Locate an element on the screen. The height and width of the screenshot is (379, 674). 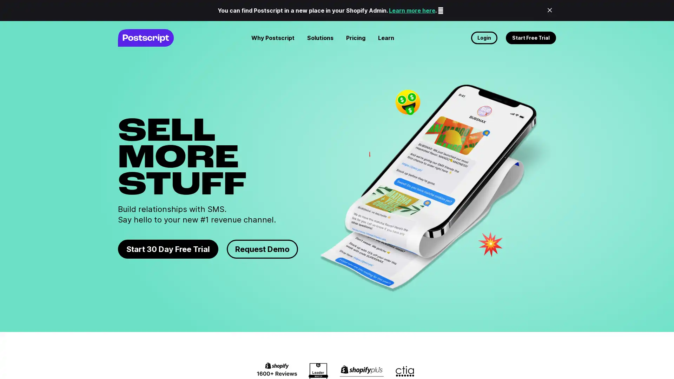
Pricing is located at coordinates (355, 38).